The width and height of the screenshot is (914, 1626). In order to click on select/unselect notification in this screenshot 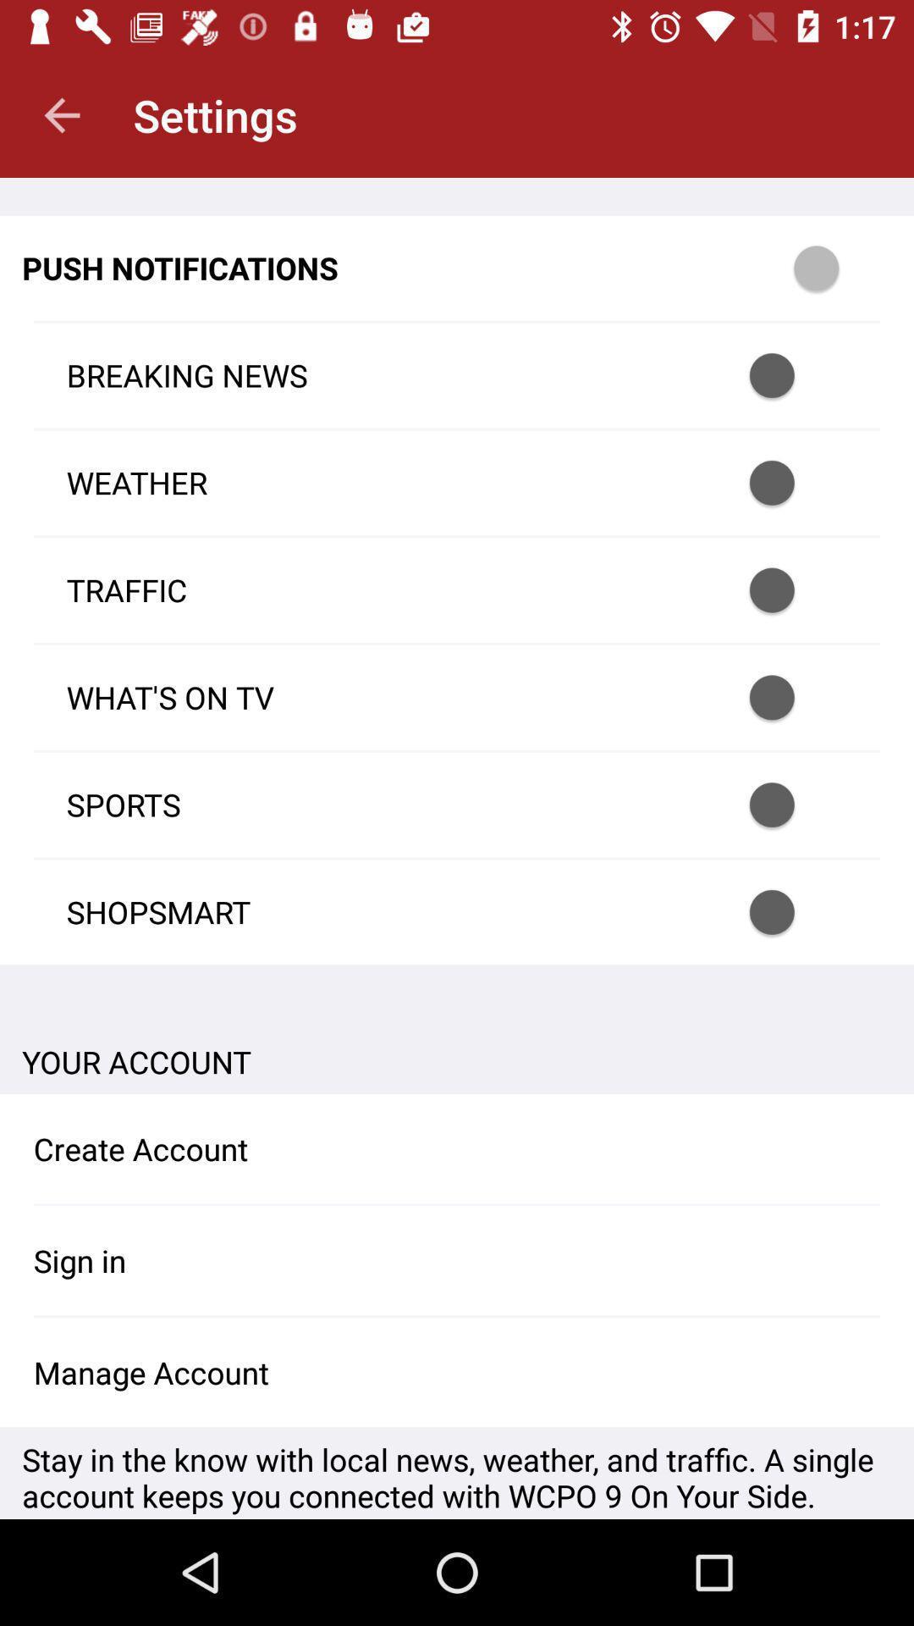, I will do `click(794, 374)`.